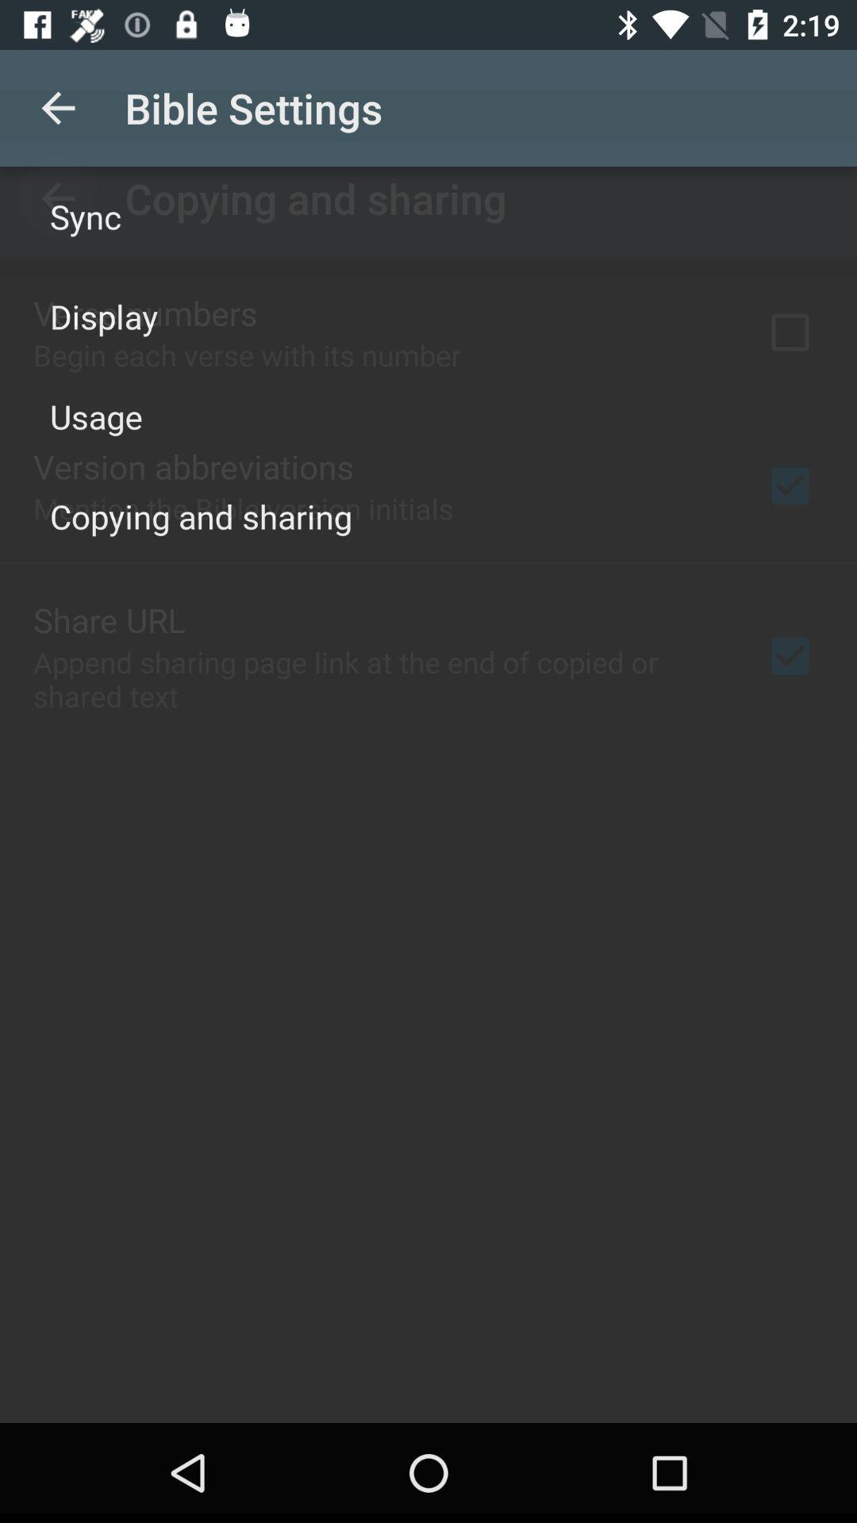  Describe the element at coordinates (96, 416) in the screenshot. I see `the icon above the copying and sharing item` at that location.